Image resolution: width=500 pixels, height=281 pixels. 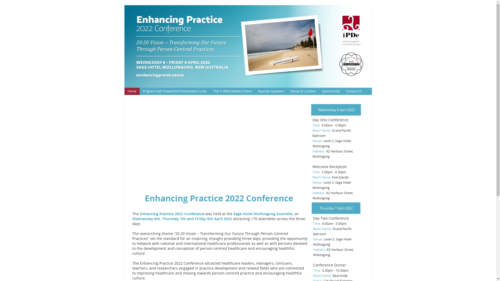 I want to click on 'Contact Us', so click(x=354, y=91).